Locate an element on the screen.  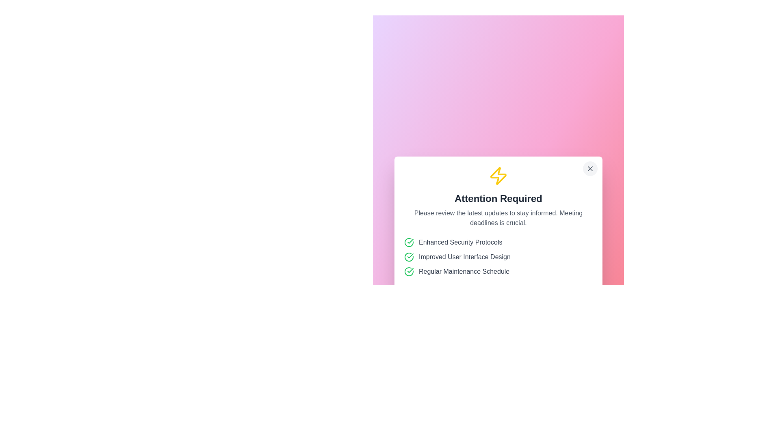
text label displaying 'Regular Maintenance Schedule', which is styled in gray and is the third item in a vertical list, located within a white card UI on a pink-and-purple background is located at coordinates (464, 272).